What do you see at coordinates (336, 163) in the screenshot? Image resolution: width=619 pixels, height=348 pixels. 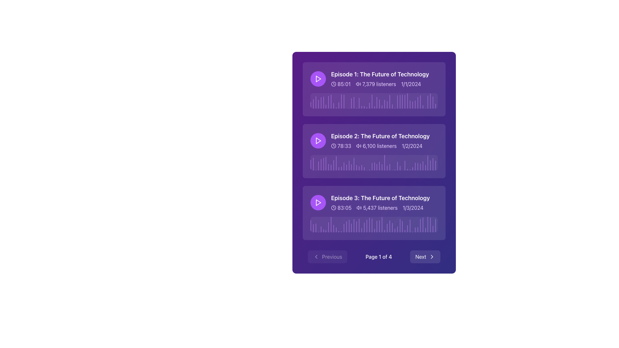 I see `the progress indicator represented by a thin vertical line in the waveform for 'Episode 2: The Future of Technology', styled with a semi-transparent purple color` at bounding box center [336, 163].